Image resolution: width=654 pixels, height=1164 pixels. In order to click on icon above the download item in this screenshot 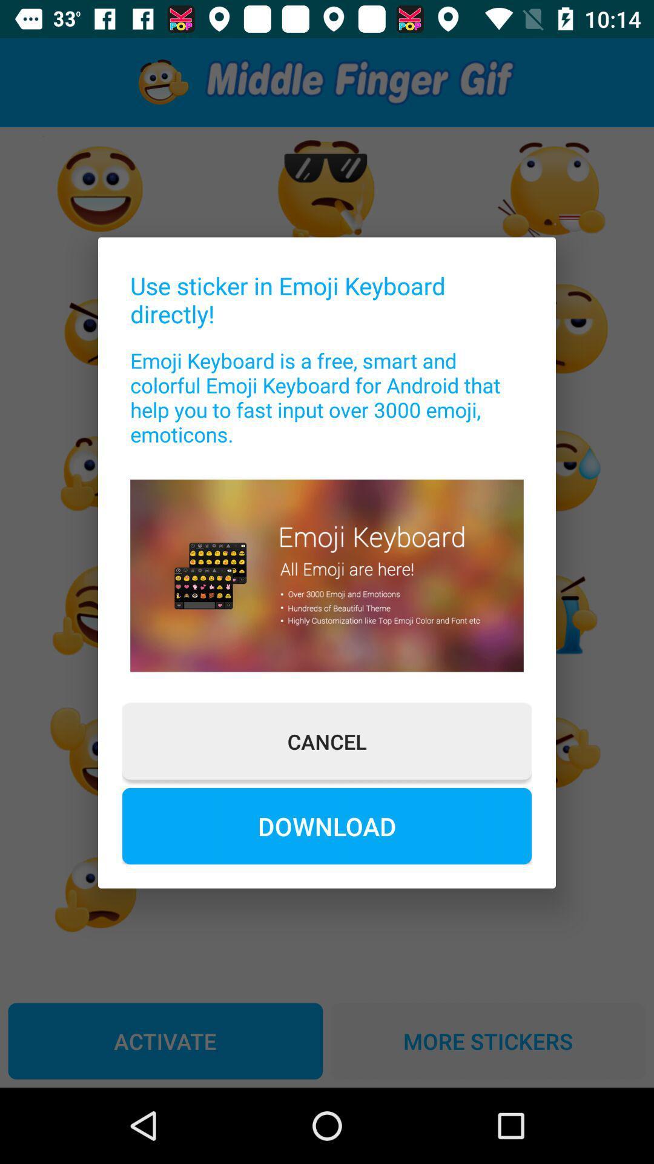, I will do `click(327, 741)`.